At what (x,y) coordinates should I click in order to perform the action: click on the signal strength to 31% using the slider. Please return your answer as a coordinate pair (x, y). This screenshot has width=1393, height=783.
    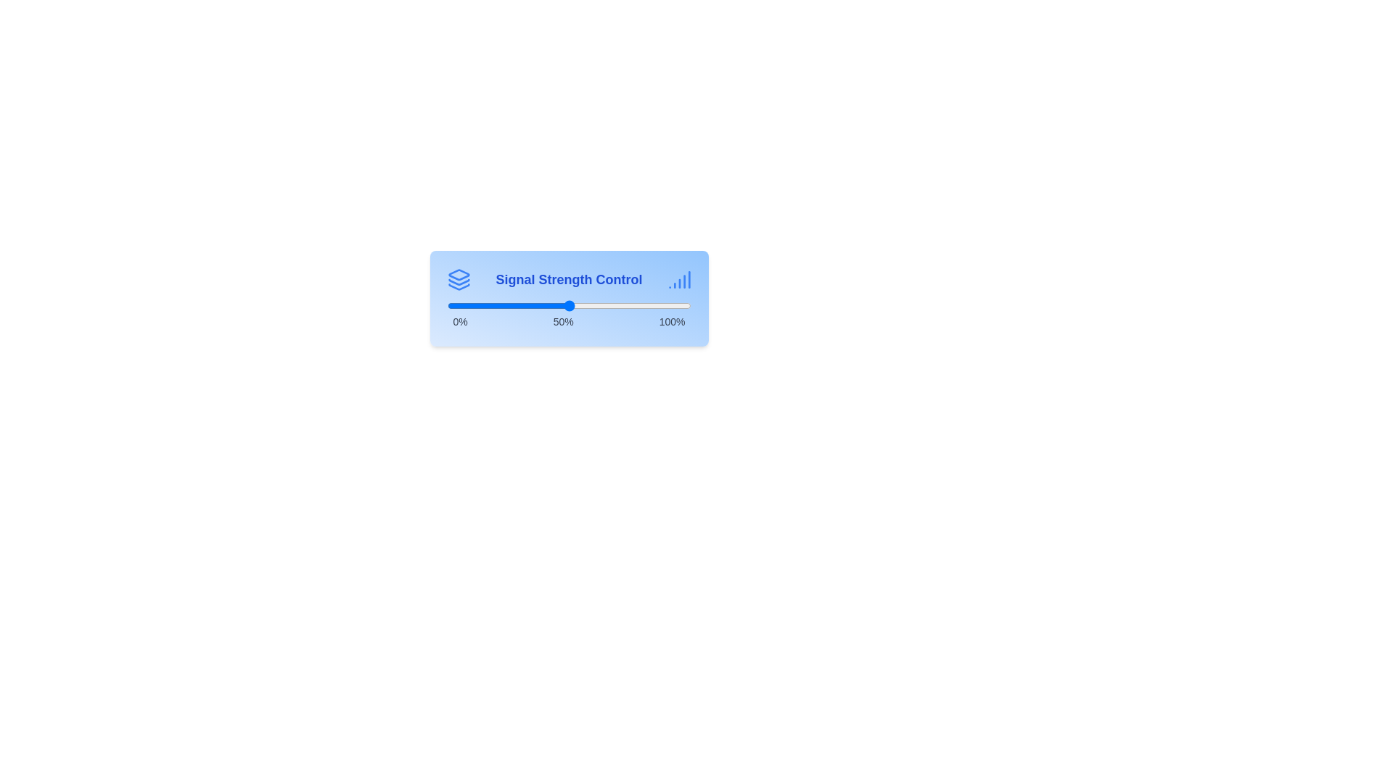
    Looking at the image, I should click on (522, 304).